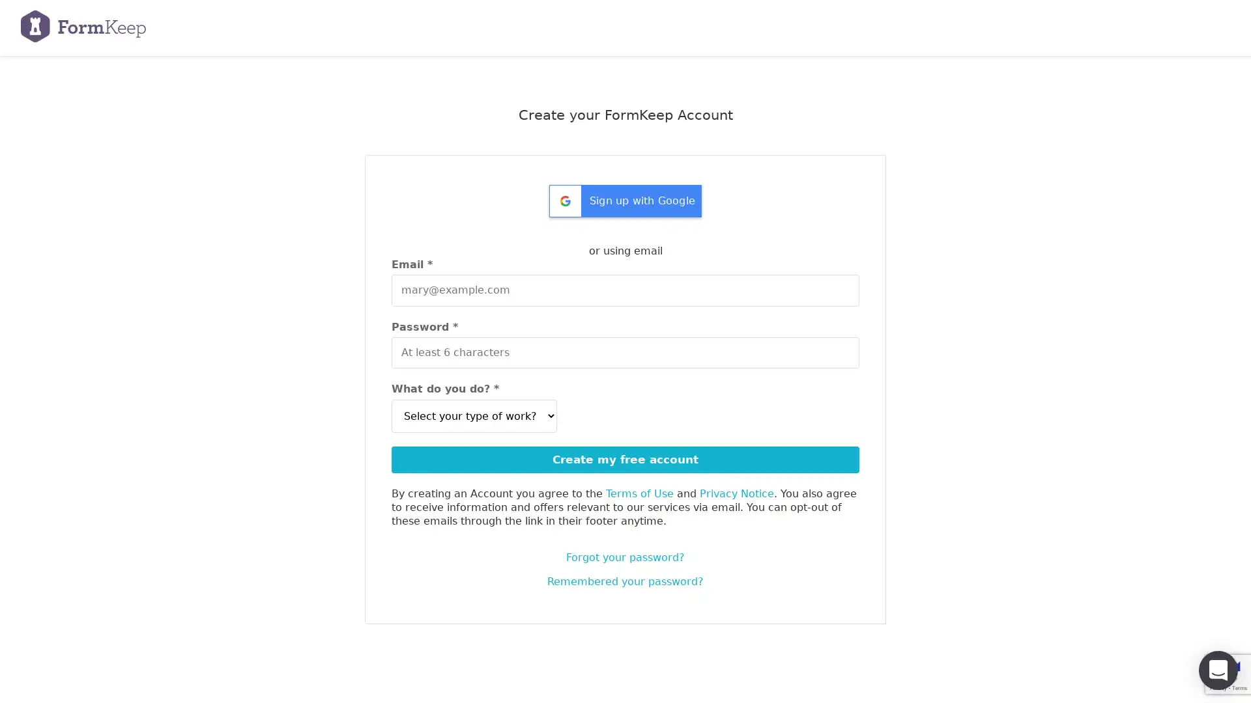  What do you see at coordinates (625, 205) in the screenshot?
I see `Sign up with Google` at bounding box center [625, 205].